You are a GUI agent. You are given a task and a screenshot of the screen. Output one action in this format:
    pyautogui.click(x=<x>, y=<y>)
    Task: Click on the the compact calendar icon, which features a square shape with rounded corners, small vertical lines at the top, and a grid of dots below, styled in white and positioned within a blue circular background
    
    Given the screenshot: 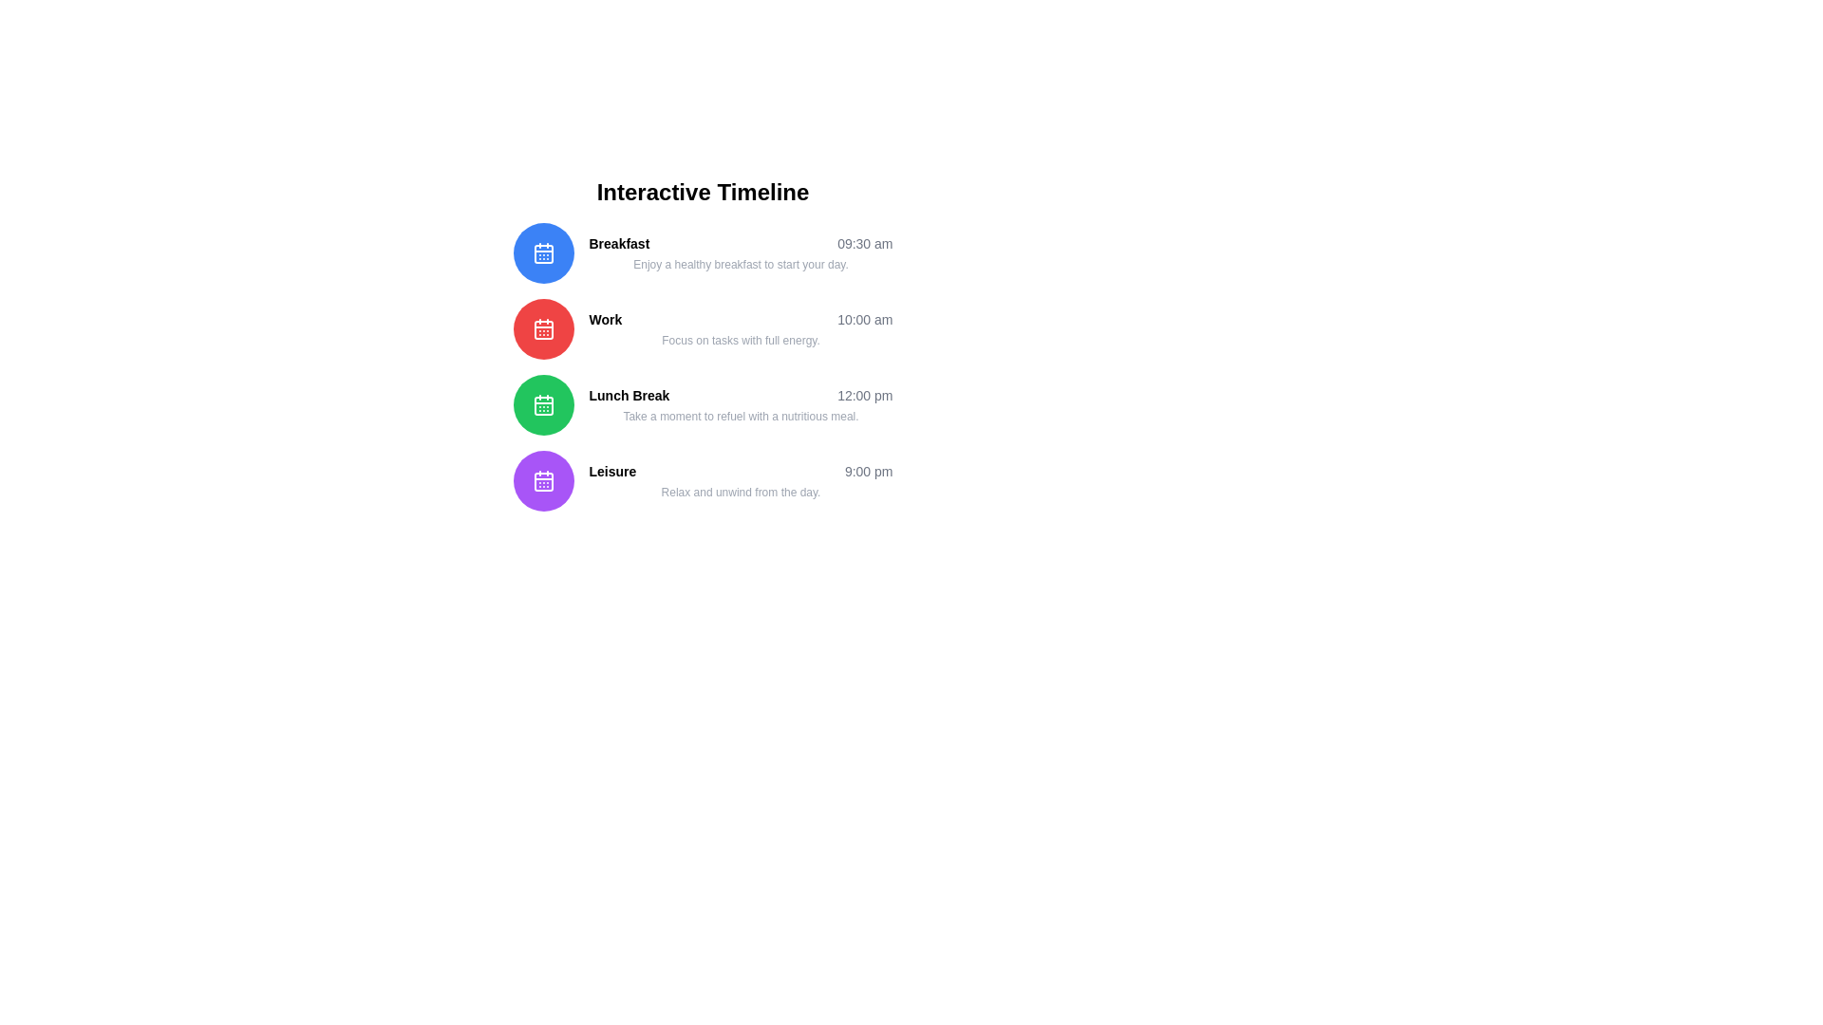 What is the action you would take?
    pyautogui.click(x=542, y=252)
    